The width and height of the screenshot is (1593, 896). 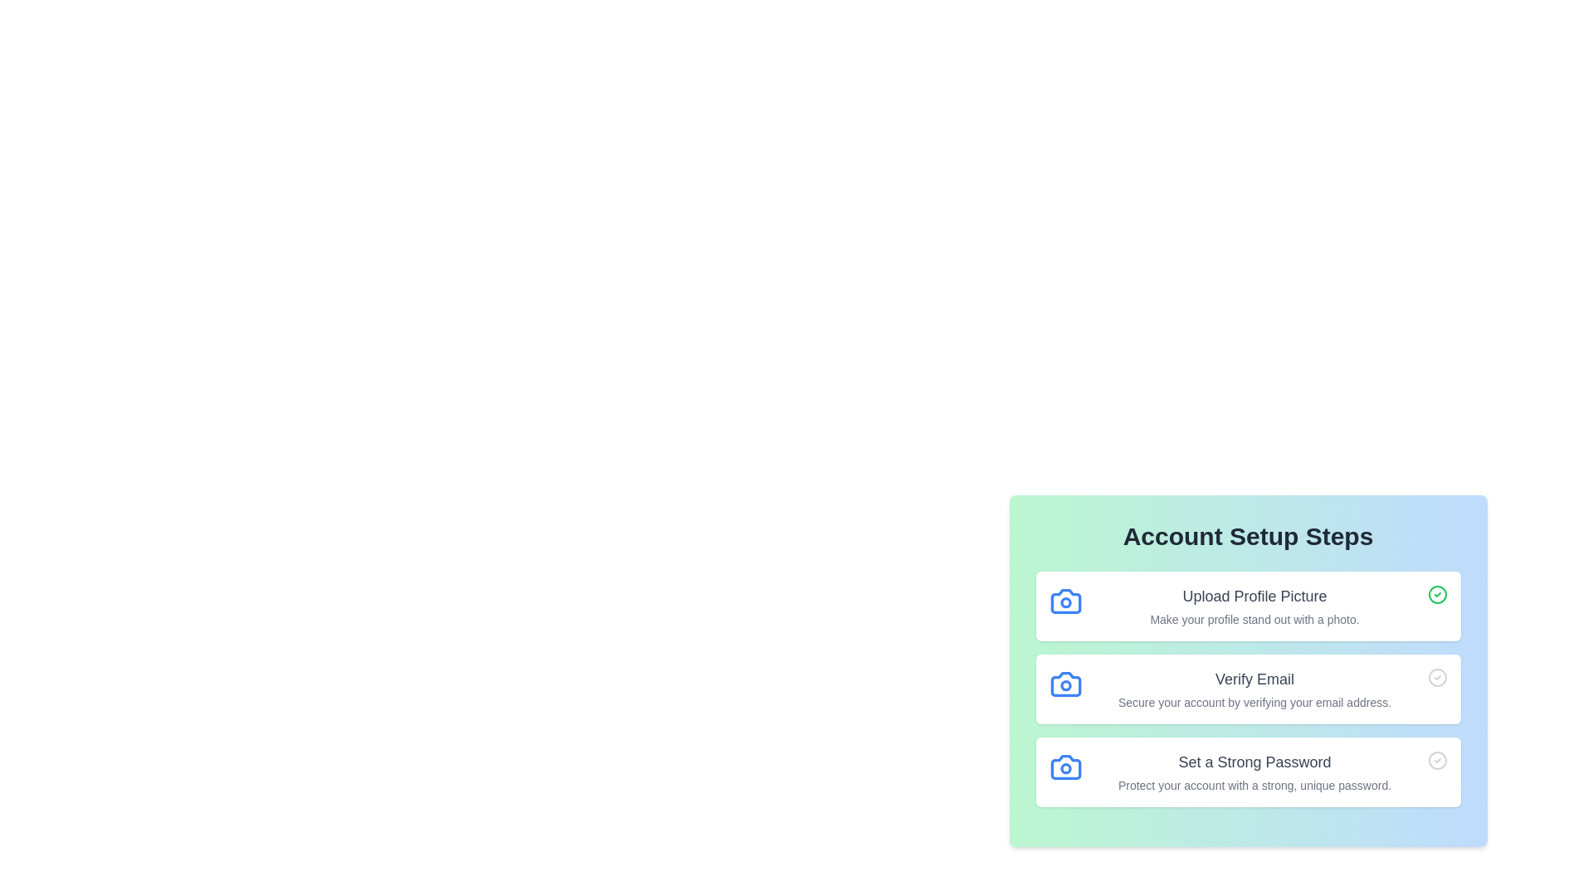 I want to click on the icon associated with the checklist item Verify Email, so click(x=1065, y=684).